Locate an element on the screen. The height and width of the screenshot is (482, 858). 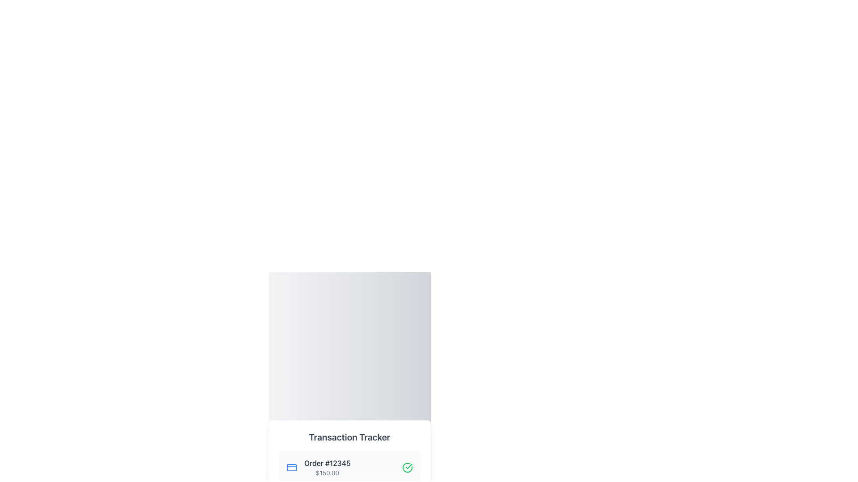
the Text Display element showing '$150.00' in light gray color, located below 'Order #12345' within the card layout is located at coordinates (327, 473).